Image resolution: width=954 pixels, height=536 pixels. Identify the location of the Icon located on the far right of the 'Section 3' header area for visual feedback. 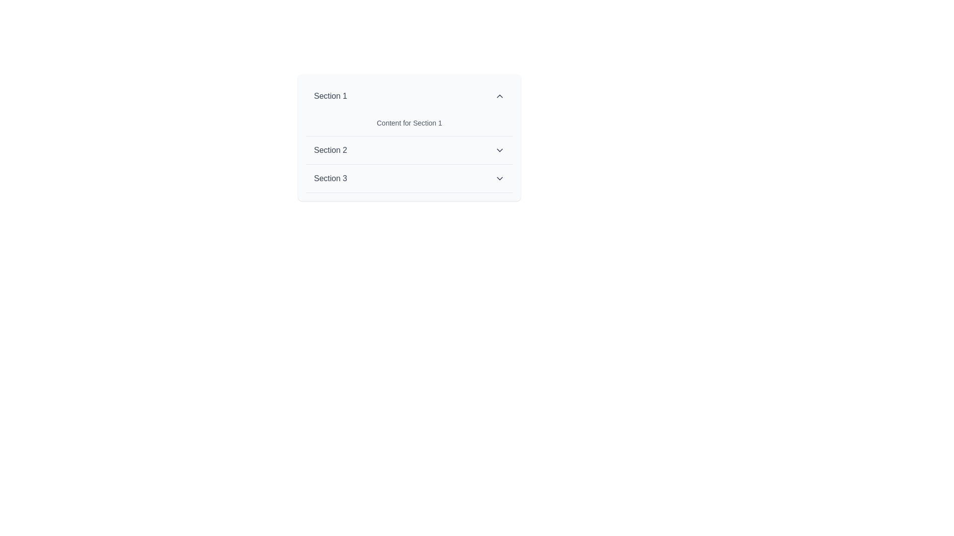
(500, 178).